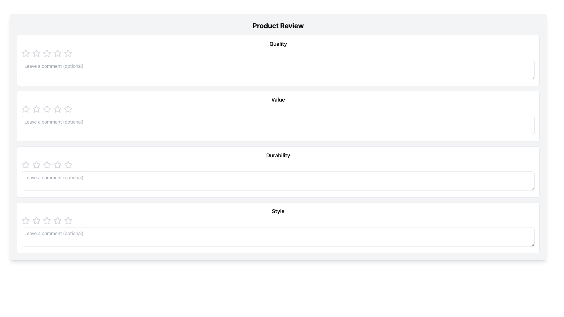 The height and width of the screenshot is (317, 564). What do you see at coordinates (68, 165) in the screenshot?
I see `the fifth star icon in the rating section labeled 'Durability'` at bounding box center [68, 165].